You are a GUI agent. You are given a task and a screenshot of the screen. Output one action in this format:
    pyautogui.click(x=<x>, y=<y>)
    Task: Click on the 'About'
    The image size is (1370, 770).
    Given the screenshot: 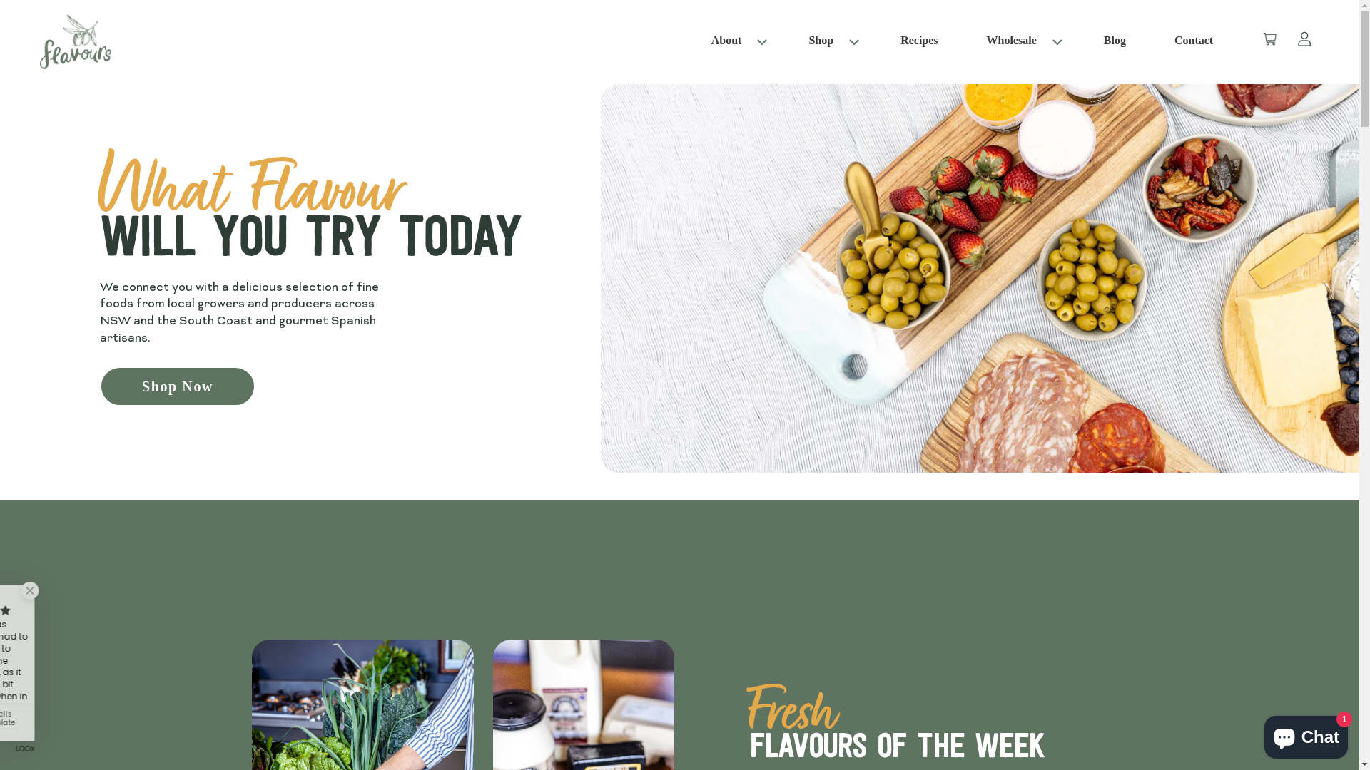 What is the action you would take?
    pyautogui.click(x=704, y=41)
    